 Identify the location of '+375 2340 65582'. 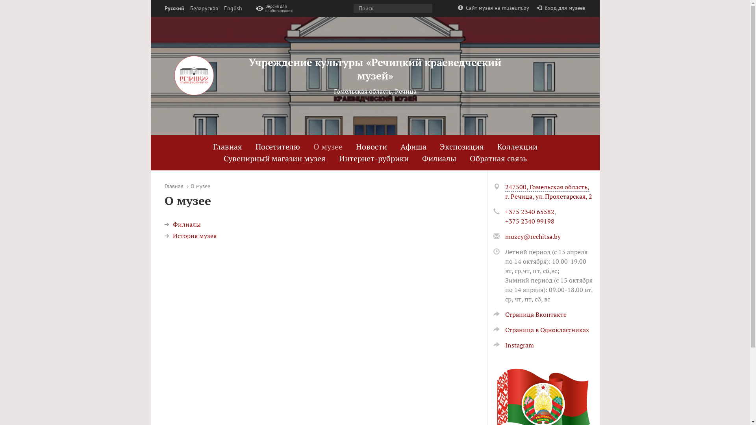
(529, 211).